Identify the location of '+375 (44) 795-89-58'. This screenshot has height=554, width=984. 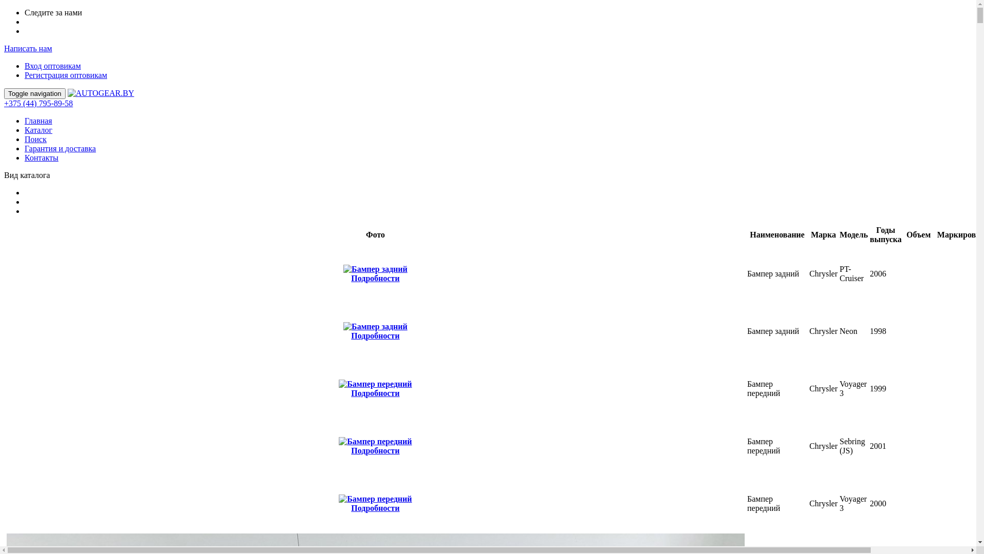
(38, 103).